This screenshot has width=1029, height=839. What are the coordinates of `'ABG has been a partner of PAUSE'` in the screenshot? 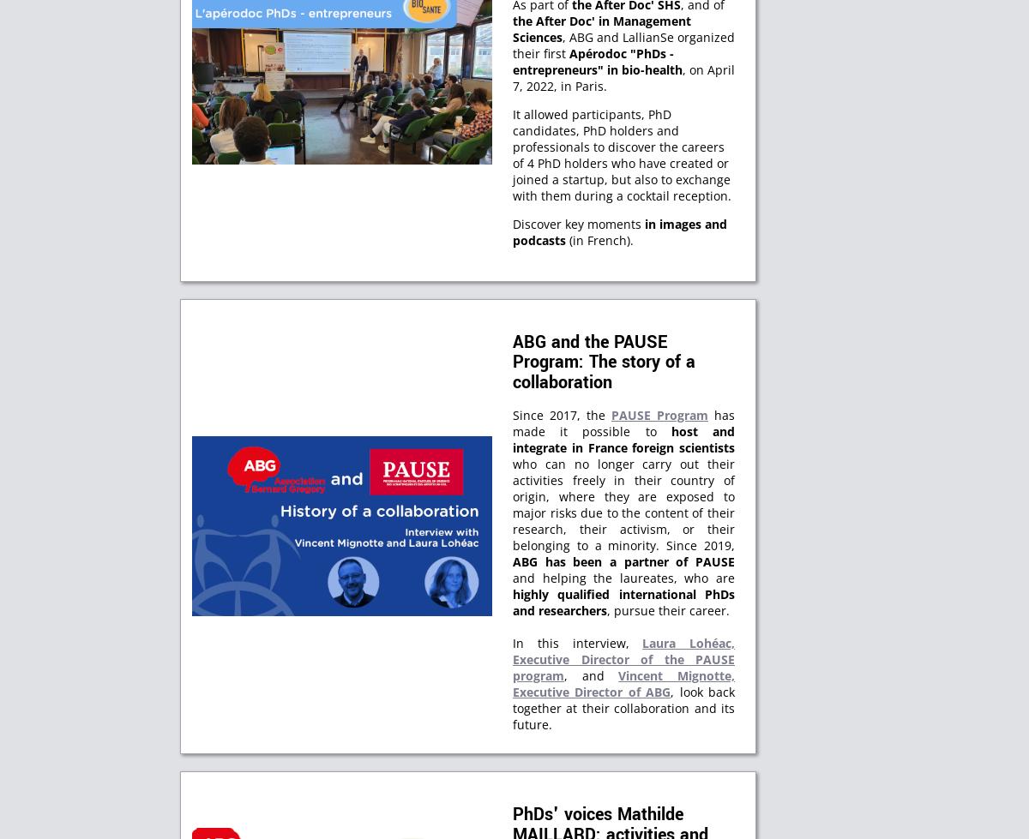 It's located at (511, 560).